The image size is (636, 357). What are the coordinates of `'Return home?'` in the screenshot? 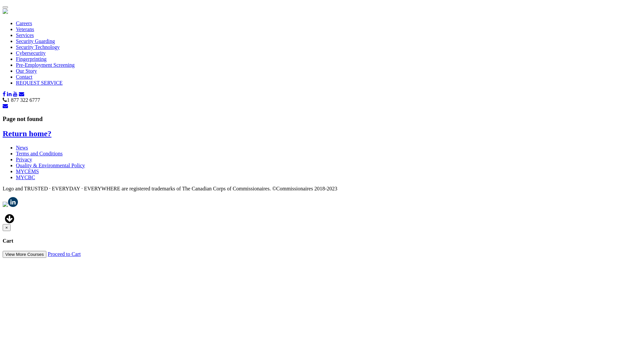 It's located at (3, 134).